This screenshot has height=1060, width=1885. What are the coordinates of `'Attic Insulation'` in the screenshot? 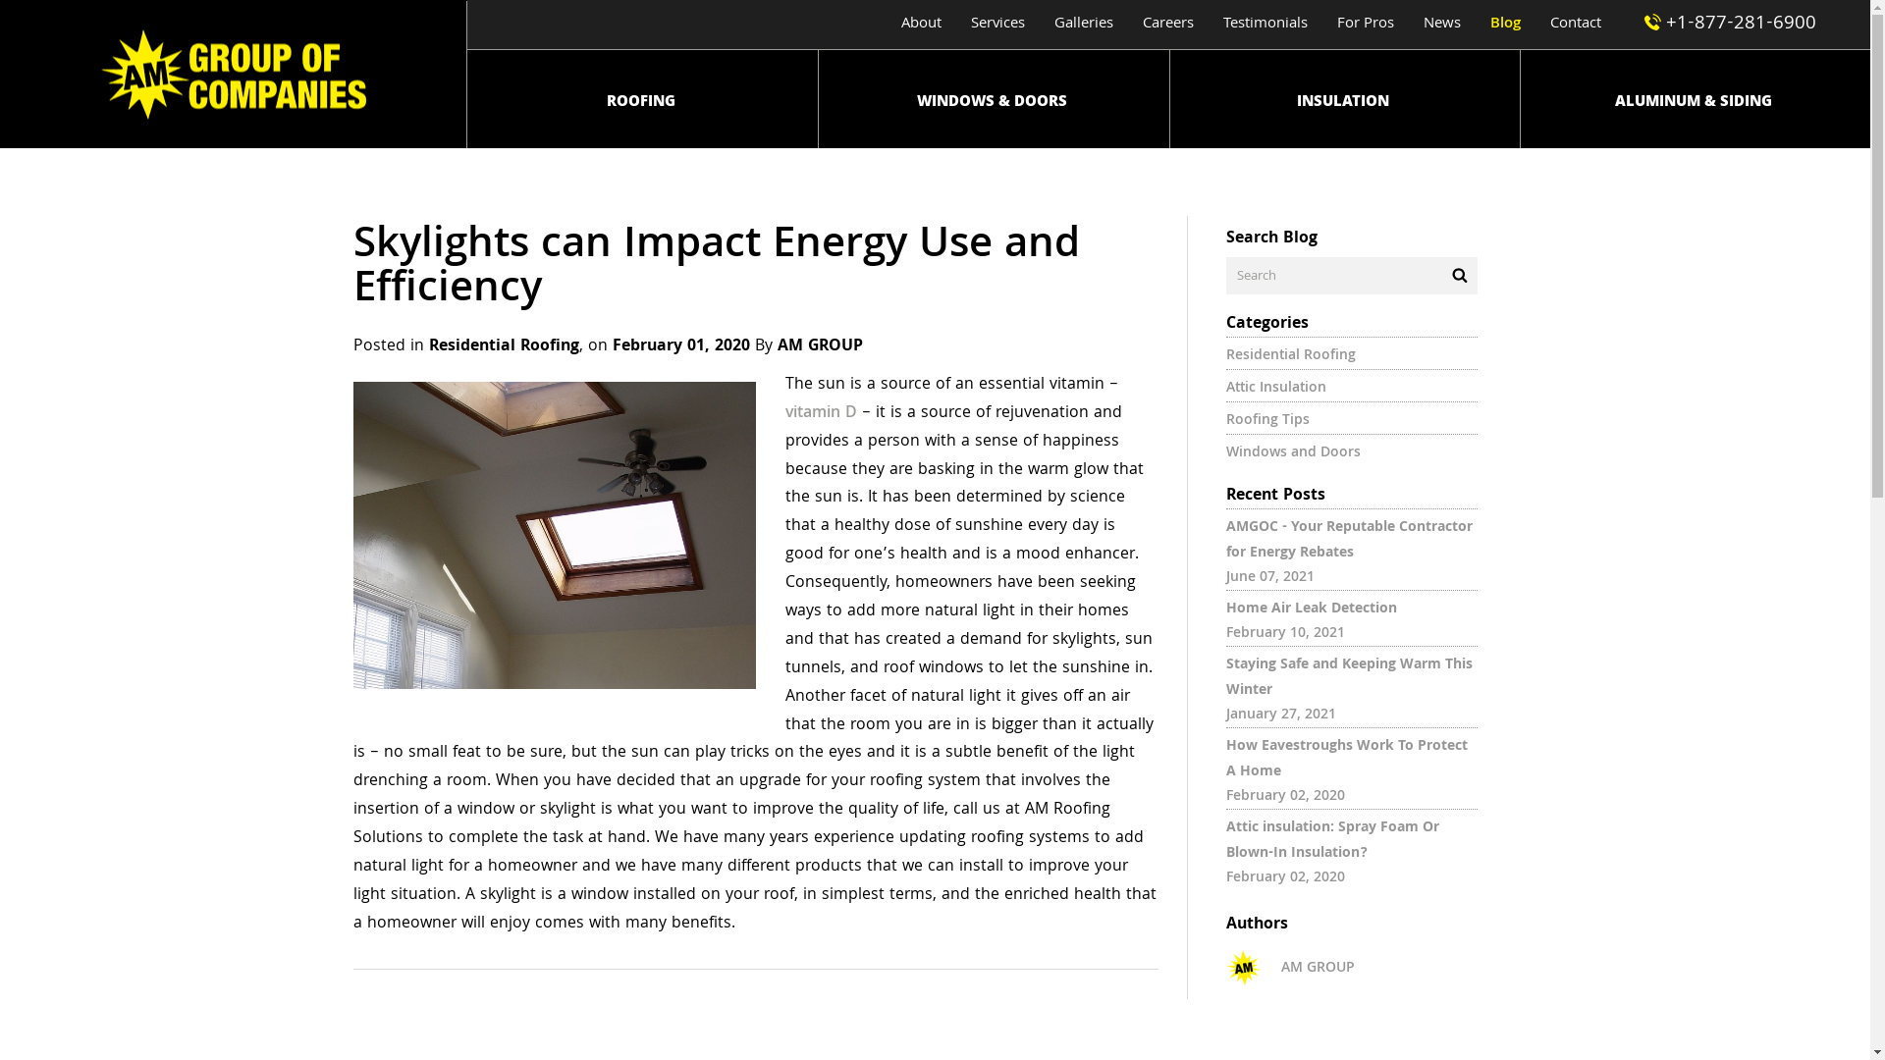 It's located at (1276, 389).